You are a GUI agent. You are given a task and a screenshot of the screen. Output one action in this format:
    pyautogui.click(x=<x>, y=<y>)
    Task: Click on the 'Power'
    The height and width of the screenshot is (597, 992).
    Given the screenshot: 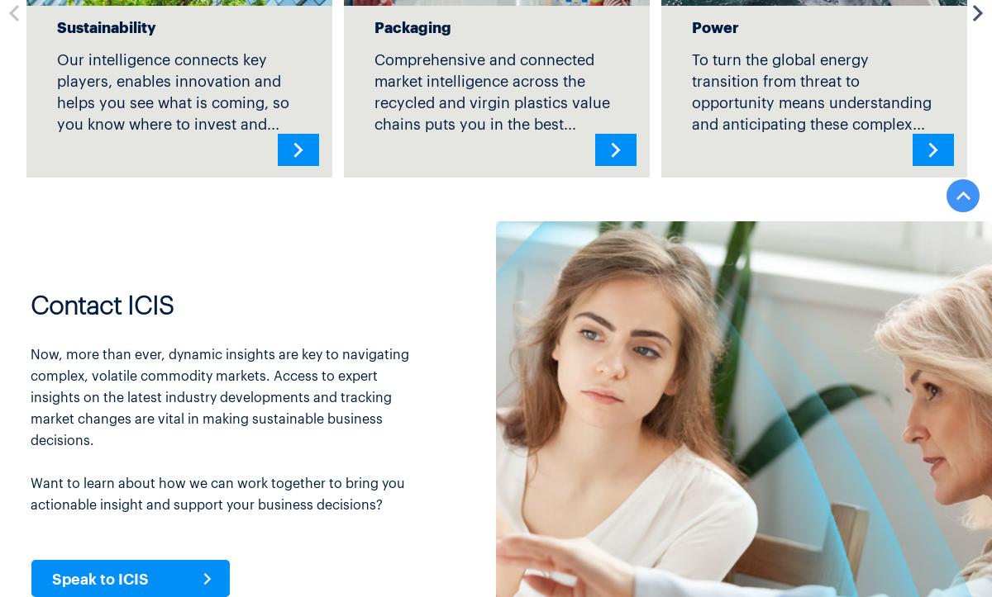 What is the action you would take?
    pyautogui.click(x=691, y=26)
    